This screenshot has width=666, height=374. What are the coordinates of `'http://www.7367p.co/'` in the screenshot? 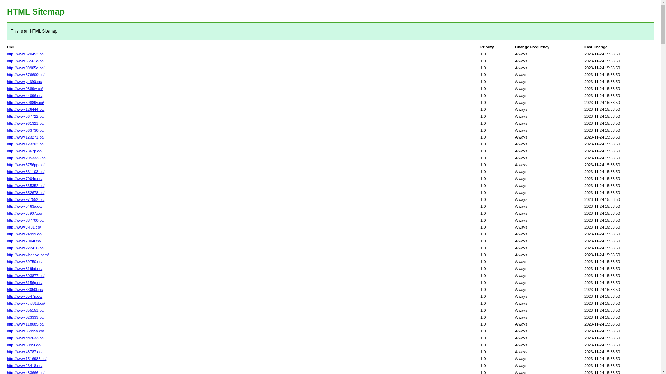 It's located at (25, 150).